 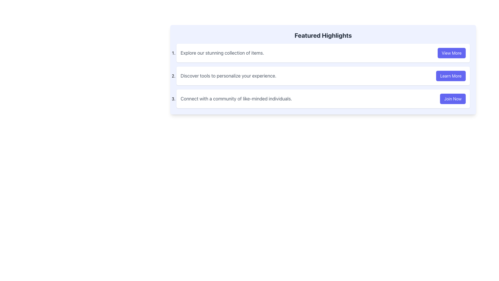 What do you see at coordinates (450, 76) in the screenshot?
I see `the button located to the right of the text 'Discover tools to personalize your experience.' in the second row of the vertical list to trigger hover effects` at bounding box center [450, 76].